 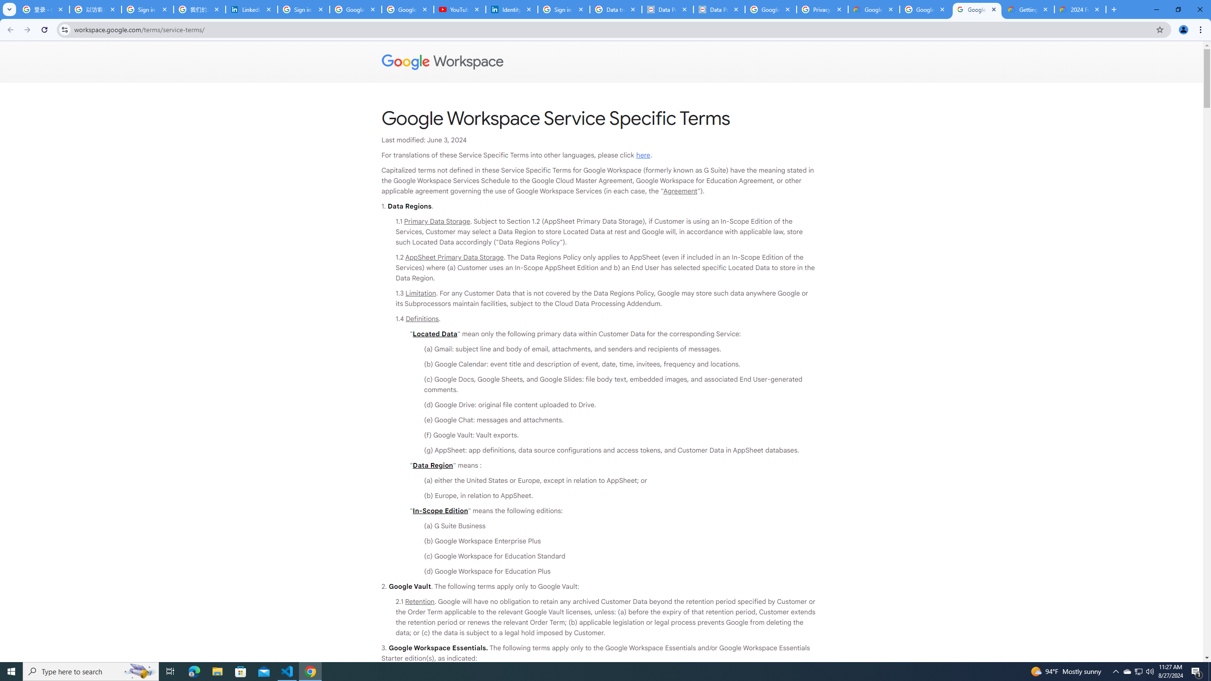 I want to click on 'Data Privacy Framework', so click(x=667, y=9).